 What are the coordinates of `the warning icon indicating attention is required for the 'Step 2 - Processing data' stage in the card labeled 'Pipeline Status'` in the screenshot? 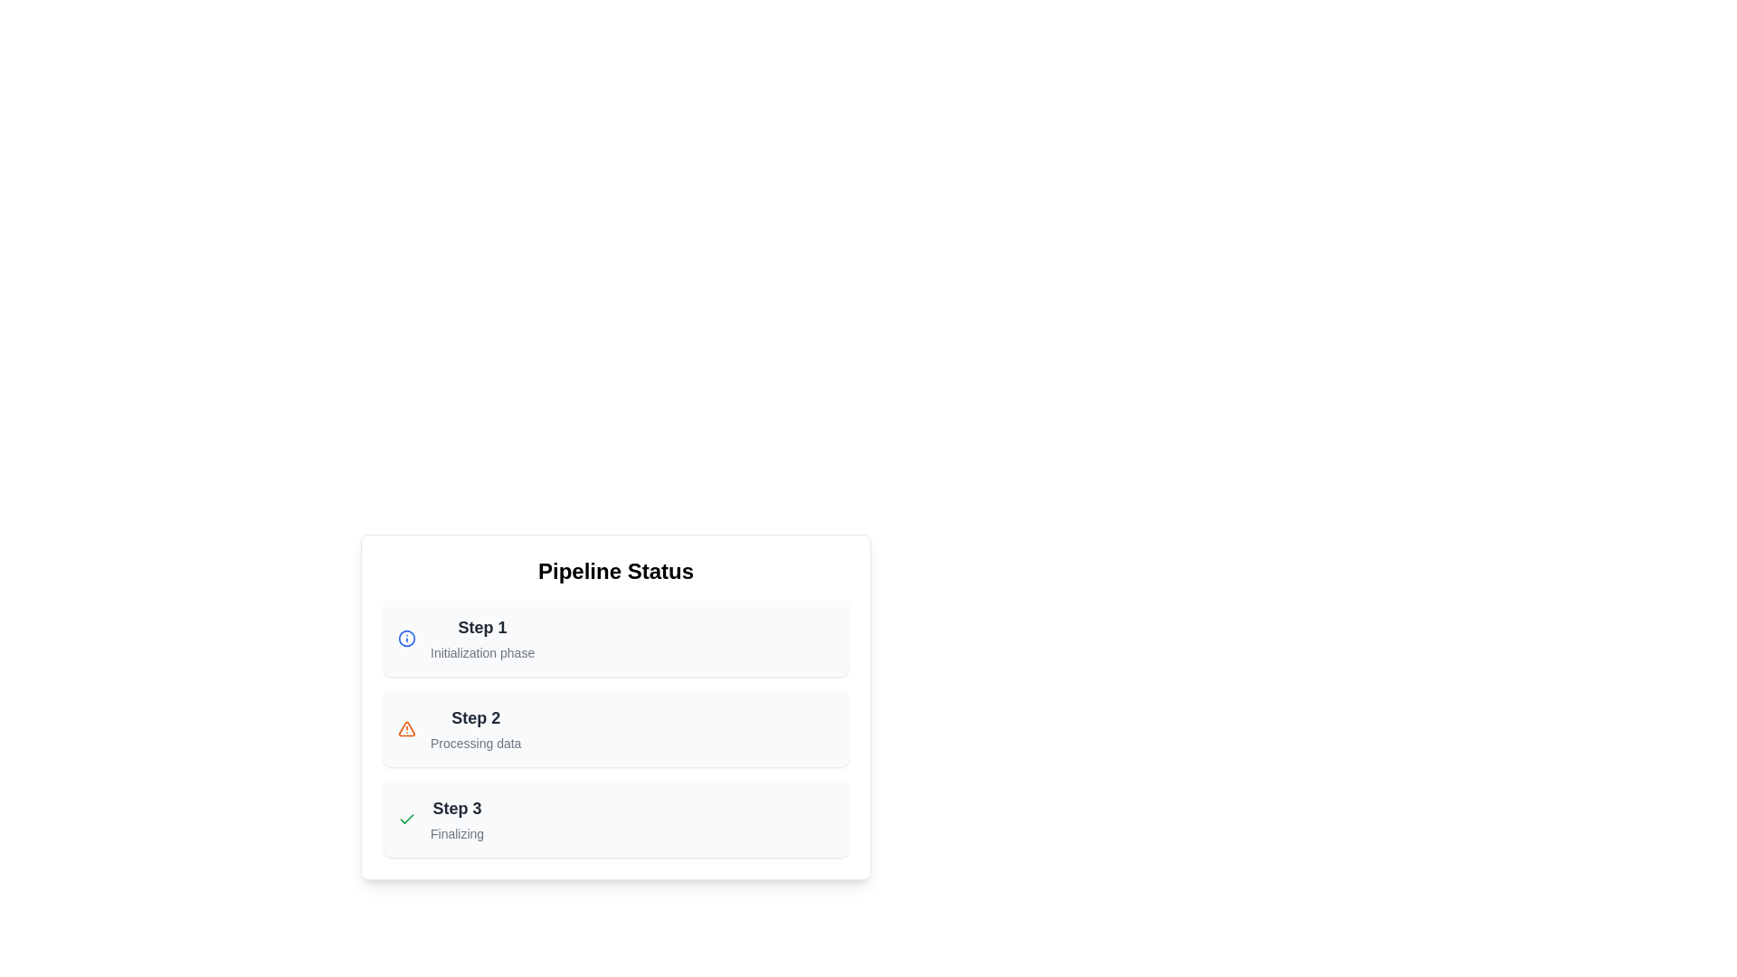 It's located at (406, 728).